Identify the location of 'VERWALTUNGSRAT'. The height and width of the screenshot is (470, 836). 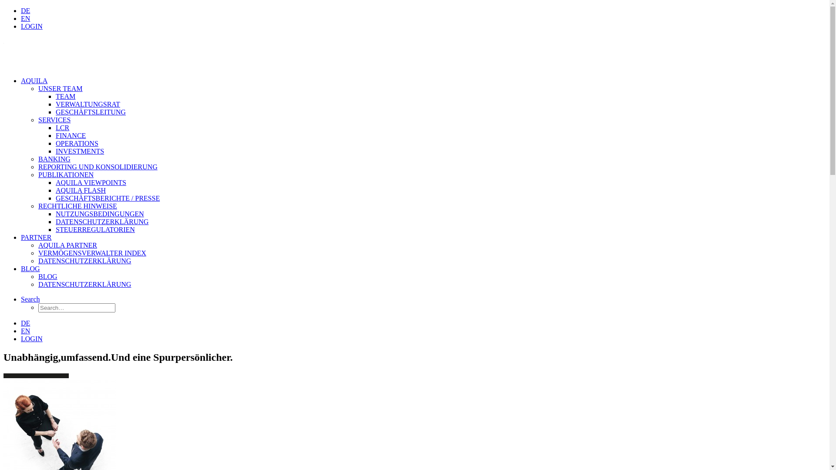
(88, 104).